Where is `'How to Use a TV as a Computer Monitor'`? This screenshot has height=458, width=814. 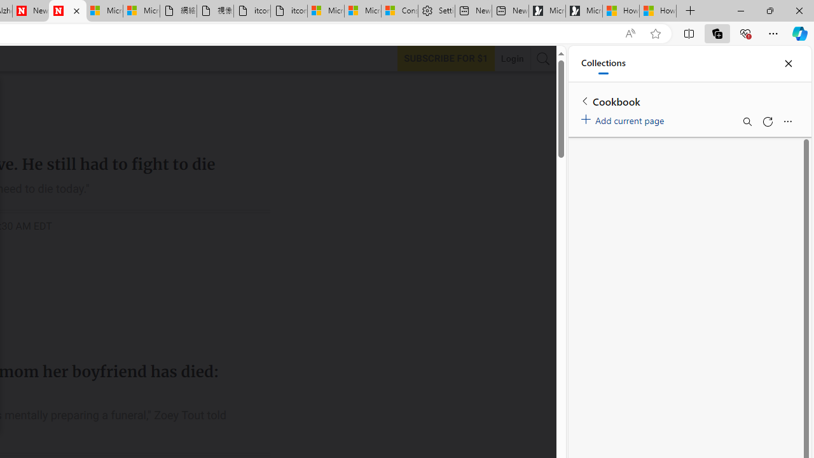 'How to Use a TV as a Computer Monitor' is located at coordinates (658, 11).